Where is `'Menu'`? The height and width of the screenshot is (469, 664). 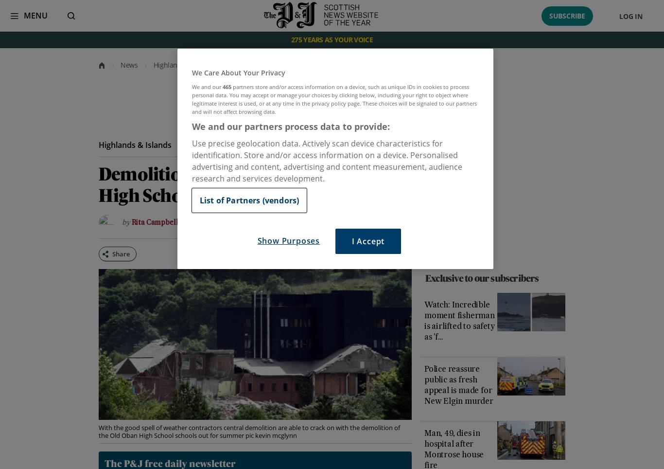 'Menu' is located at coordinates (35, 15).